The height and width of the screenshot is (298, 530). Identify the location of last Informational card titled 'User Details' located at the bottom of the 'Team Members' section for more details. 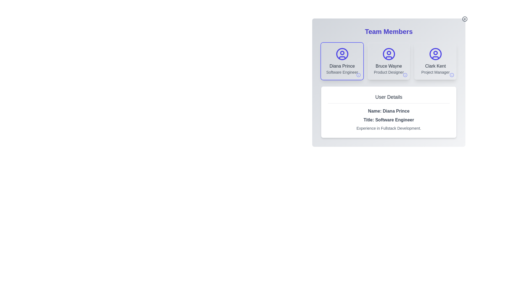
(388, 112).